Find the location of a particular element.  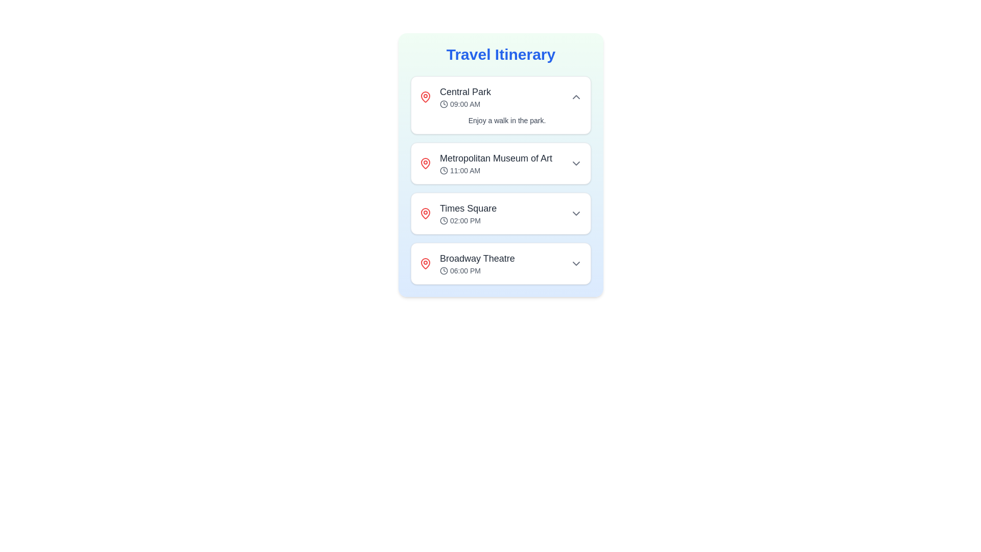

text details from the card labeled 'Times Square' with a red pin icon and a downward arrow icon, located in the 'Travel Itinerary' section is located at coordinates (501, 213).